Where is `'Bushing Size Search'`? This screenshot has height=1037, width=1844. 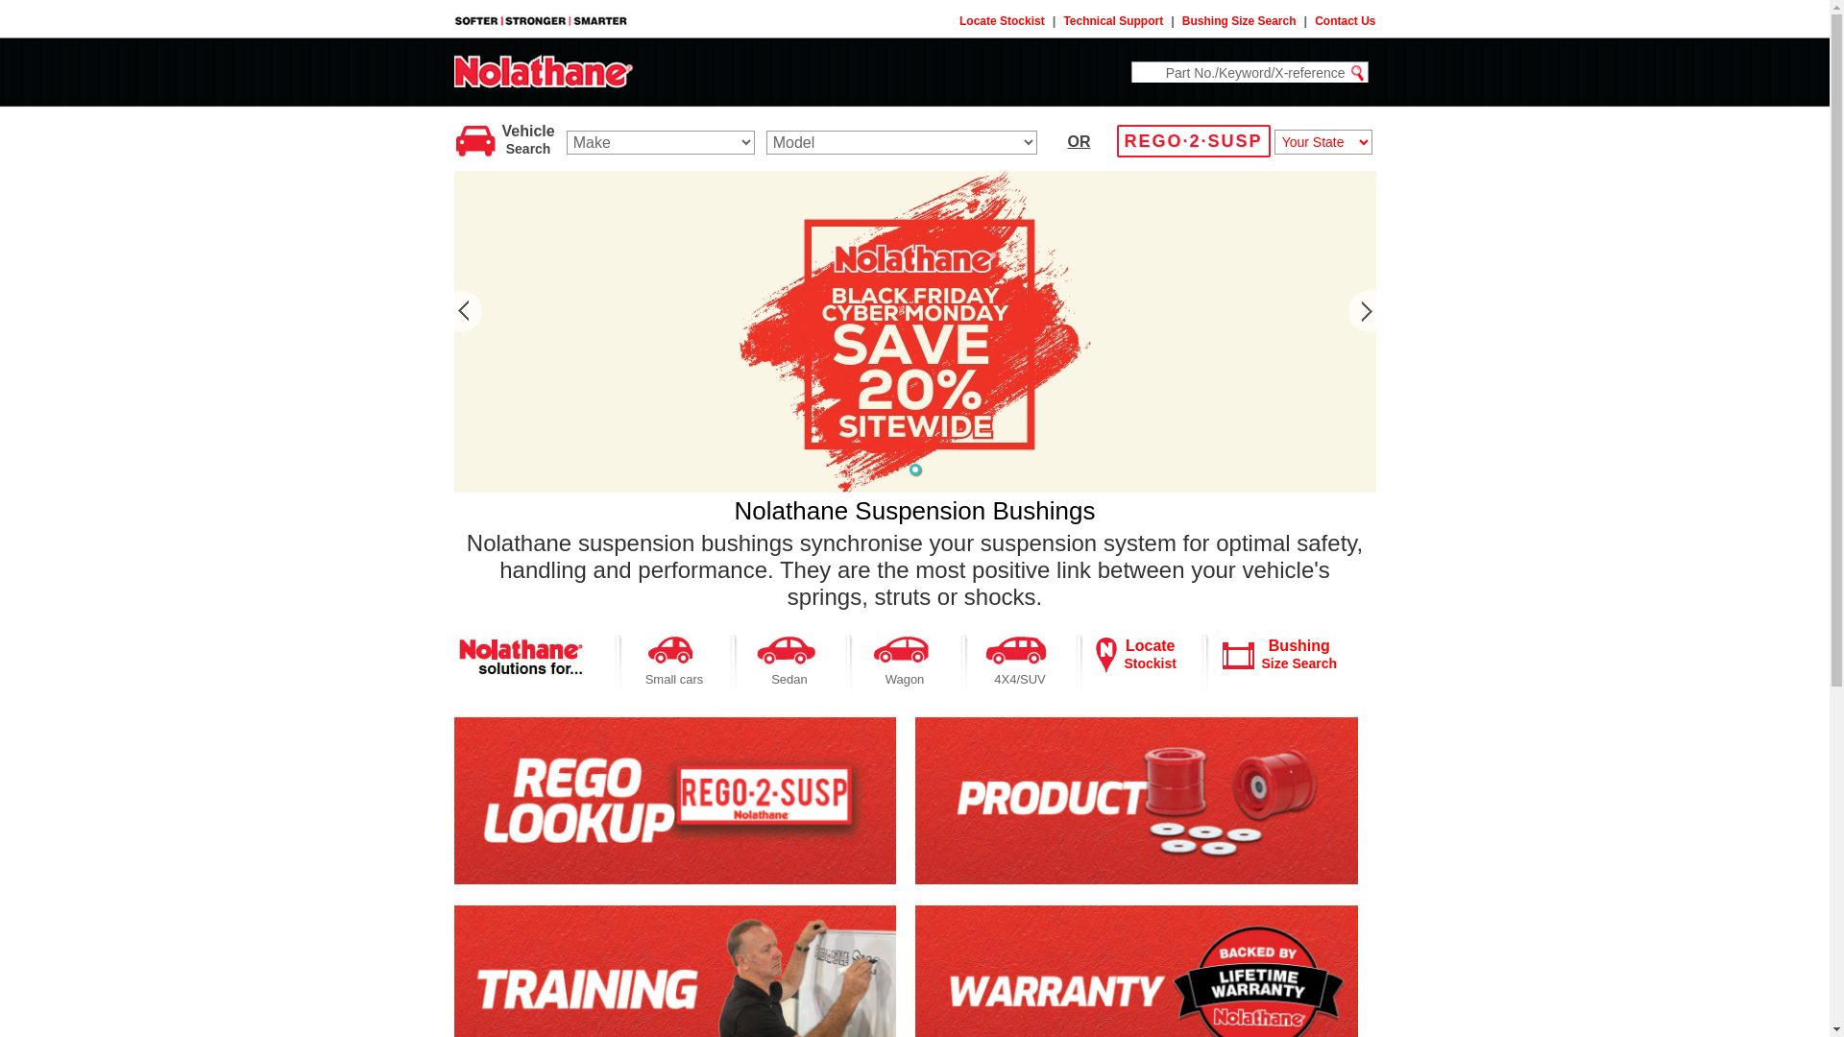
'Bushing Size Search' is located at coordinates (1238, 654).